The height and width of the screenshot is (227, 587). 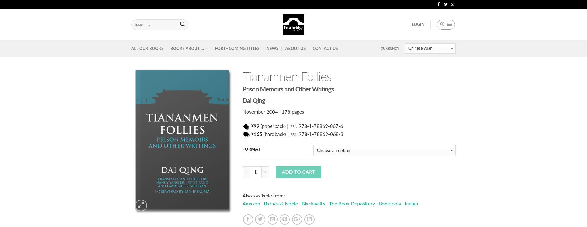 What do you see at coordinates (263, 196) in the screenshot?
I see `'Also available from:'` at bounding box center [263, 196].